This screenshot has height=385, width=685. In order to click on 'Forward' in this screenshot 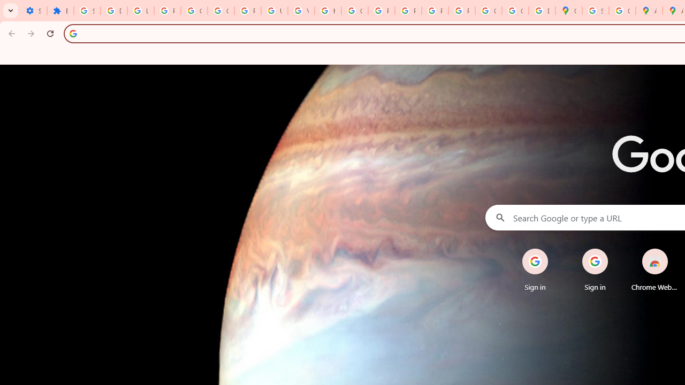, I will do `click(31, 33)`.